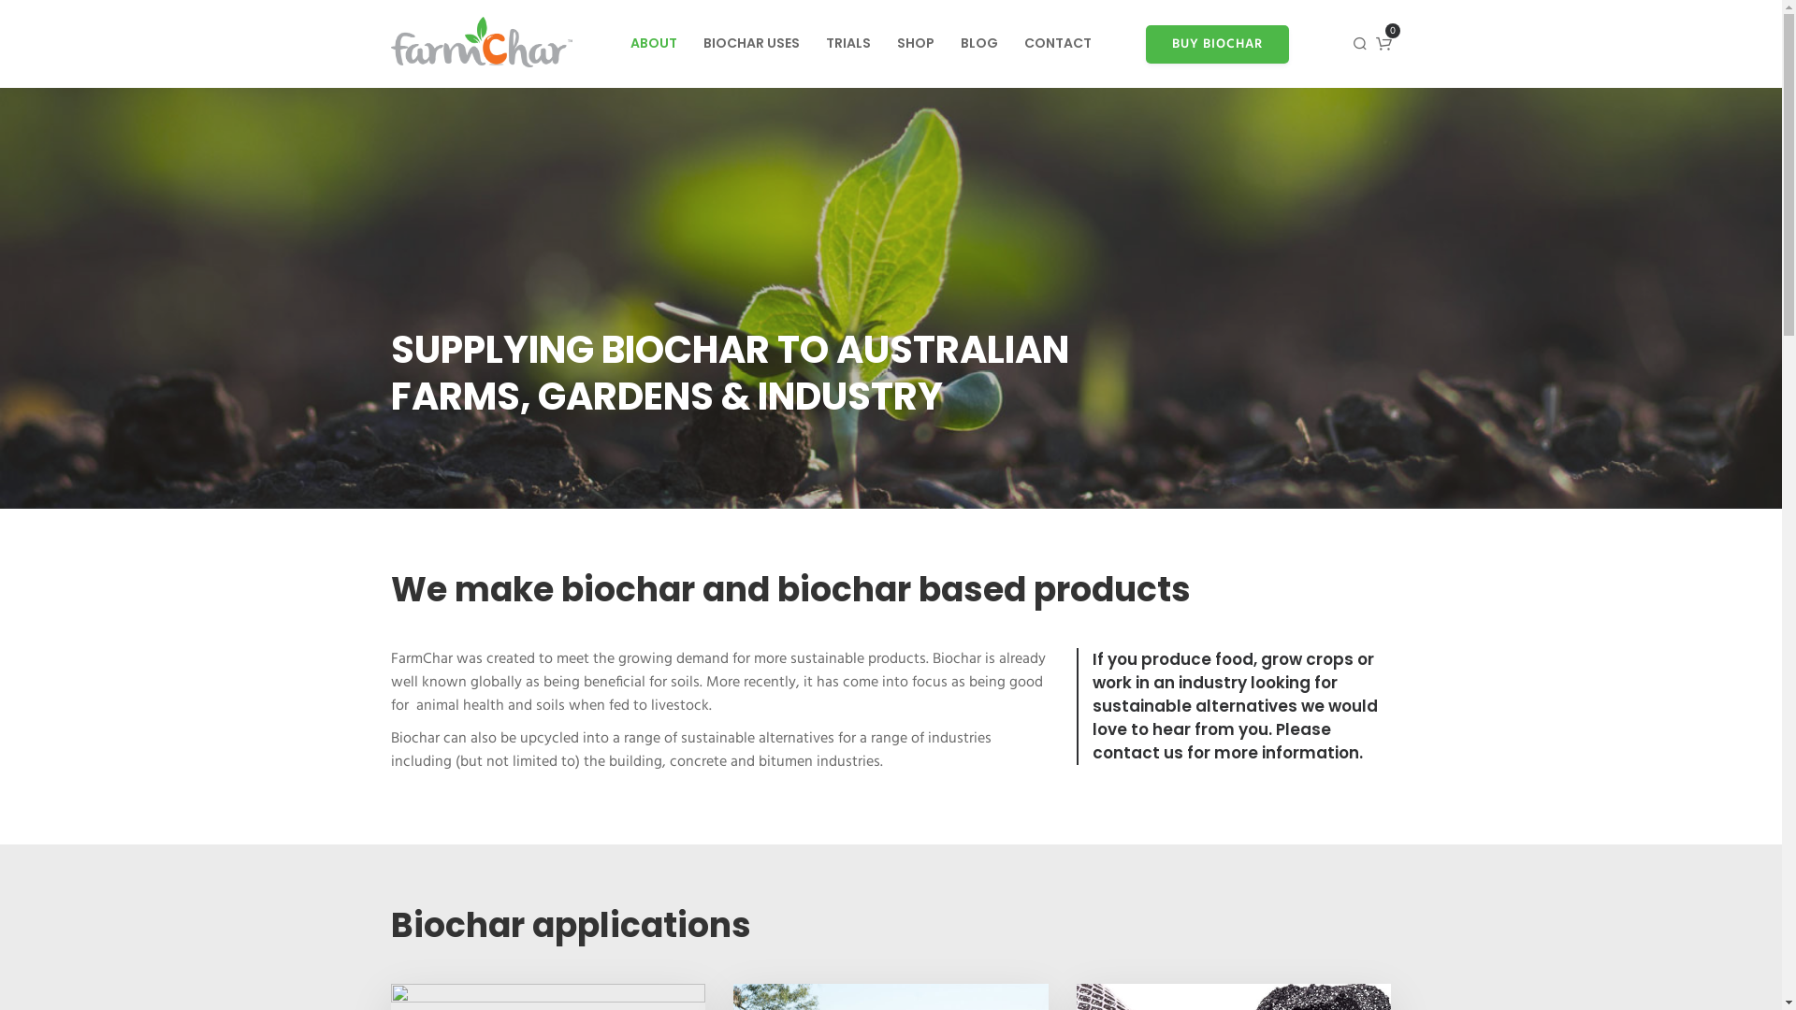 The height and width of the screenshot is (1010, 1796). I want to click on 'CONTACT', so click(1056, 42).